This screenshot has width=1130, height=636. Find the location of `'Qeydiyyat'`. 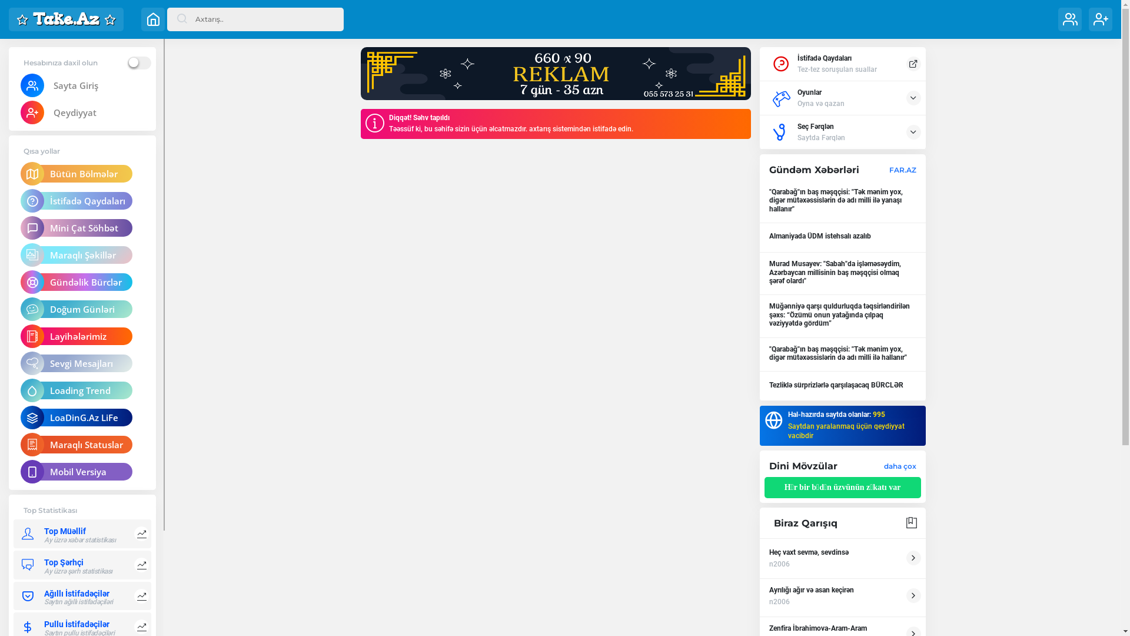

'Qeydiyyat' is located at coordinates (81, 112).